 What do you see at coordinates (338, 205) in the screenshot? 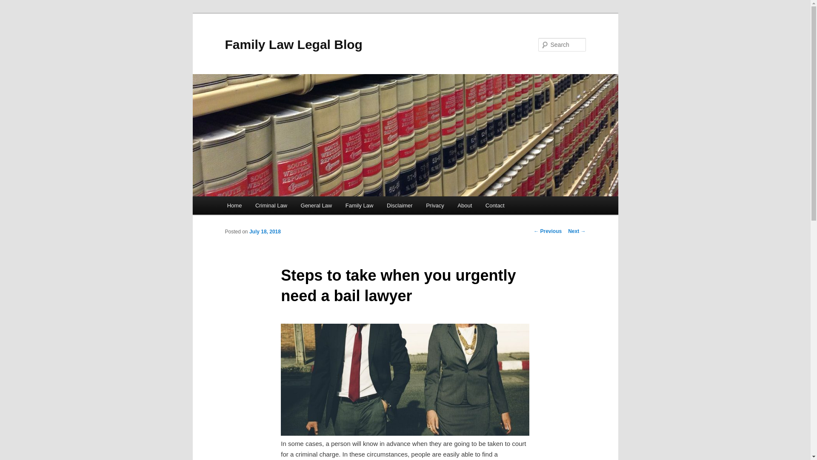
I see `'Family Law'` at bounding box center [338, 205].